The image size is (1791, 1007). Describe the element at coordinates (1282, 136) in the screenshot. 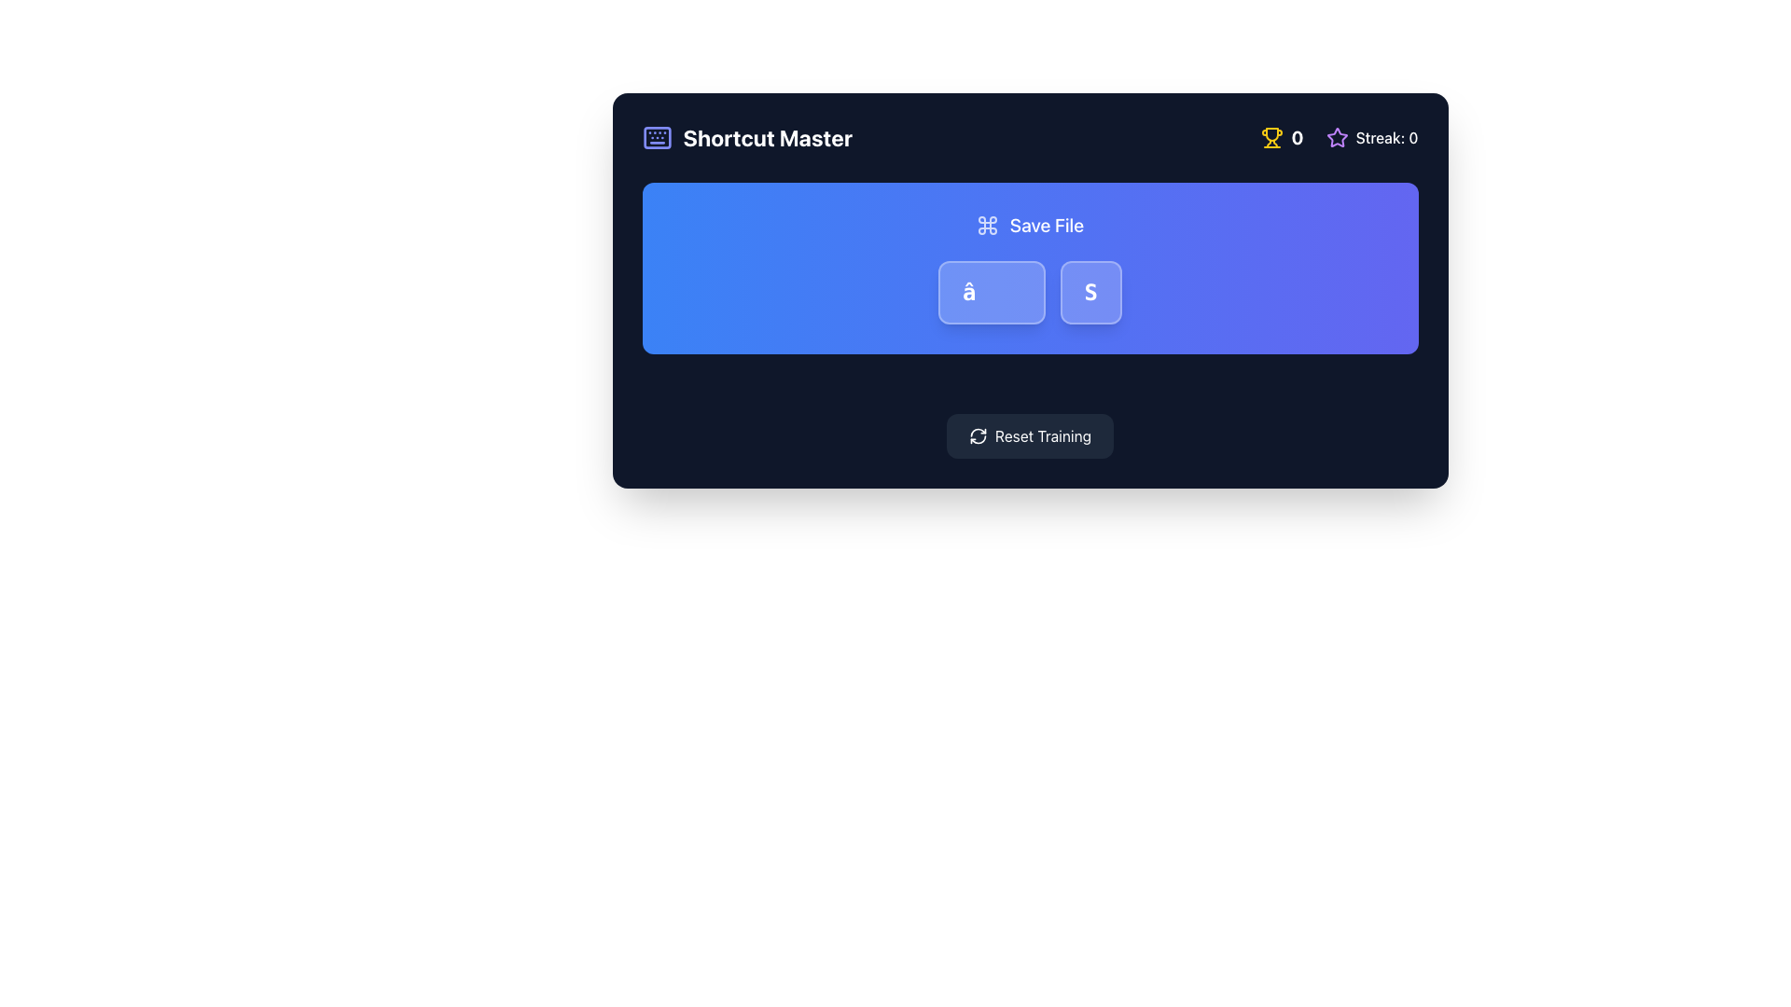

I see `the text label displaying the numeric value associated with the trophy icon, located to the immediate right of the yellow trophy icon in the top-right corner of the interface` at that location.